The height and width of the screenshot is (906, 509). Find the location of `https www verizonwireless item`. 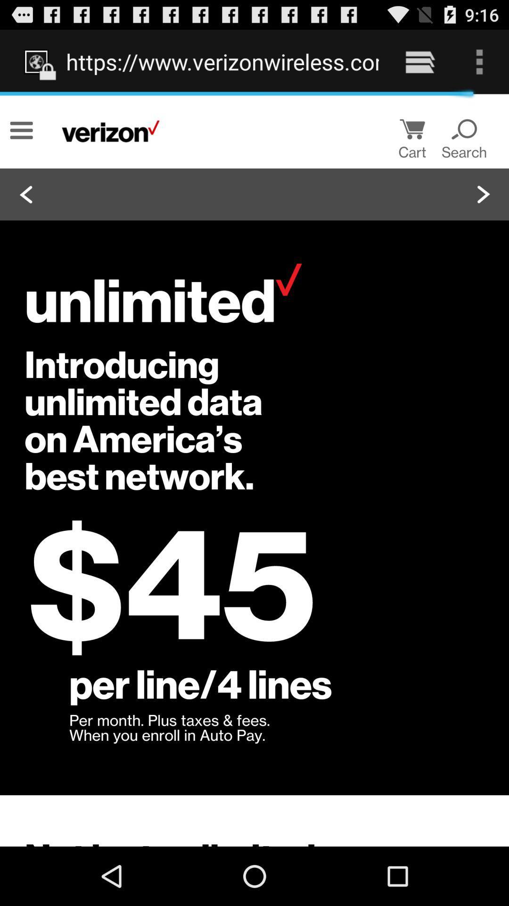

https www verizonwireless item is located at coordinates (222, 61).